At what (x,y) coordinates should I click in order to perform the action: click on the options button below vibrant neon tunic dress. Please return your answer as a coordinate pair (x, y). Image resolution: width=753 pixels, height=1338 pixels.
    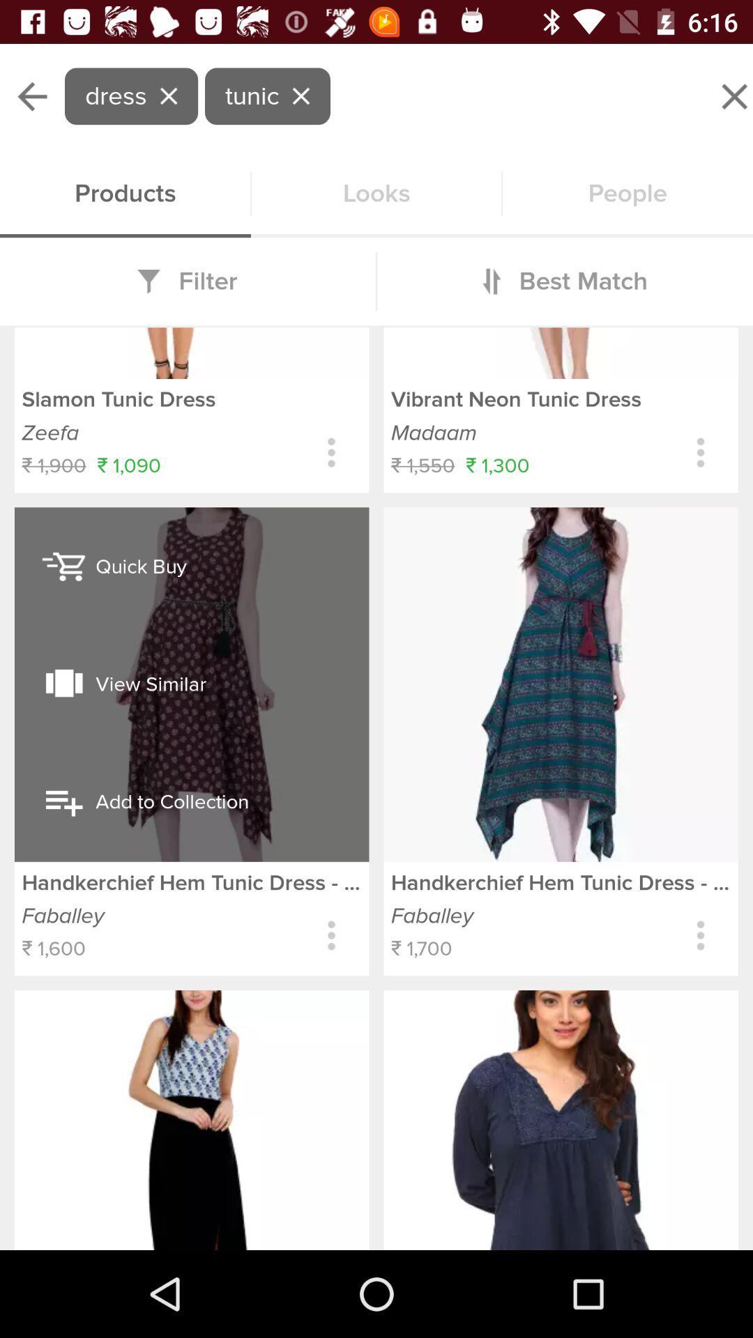
    Looking at the image, I should click on (701, 452).